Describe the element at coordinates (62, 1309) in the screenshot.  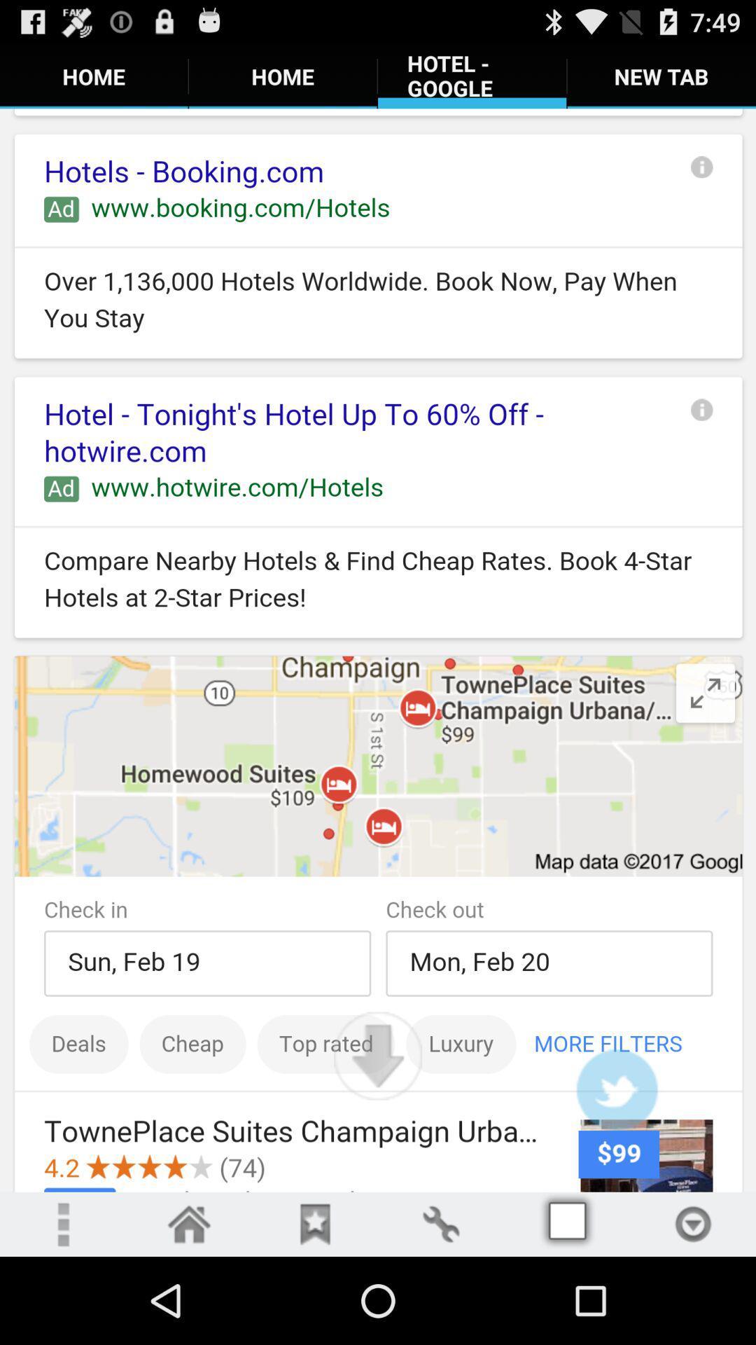
I see `the more icon` at that location.